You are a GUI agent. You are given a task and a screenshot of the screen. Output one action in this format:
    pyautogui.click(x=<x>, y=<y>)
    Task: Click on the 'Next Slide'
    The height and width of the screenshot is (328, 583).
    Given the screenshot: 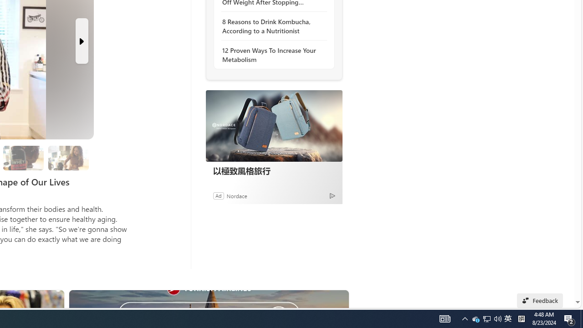 What is the action you would take?
    pyautogui.click(x=82, y=41)
    